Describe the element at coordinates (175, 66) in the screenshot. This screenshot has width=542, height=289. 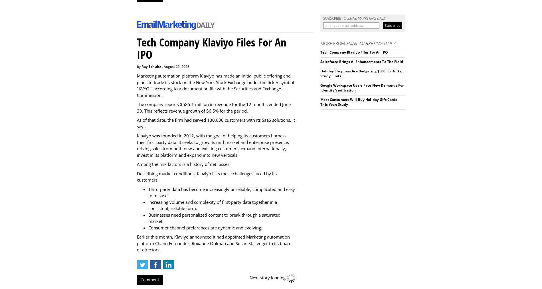
I see `', 
                                    
                                
                                August 25, 2023'` at that location.